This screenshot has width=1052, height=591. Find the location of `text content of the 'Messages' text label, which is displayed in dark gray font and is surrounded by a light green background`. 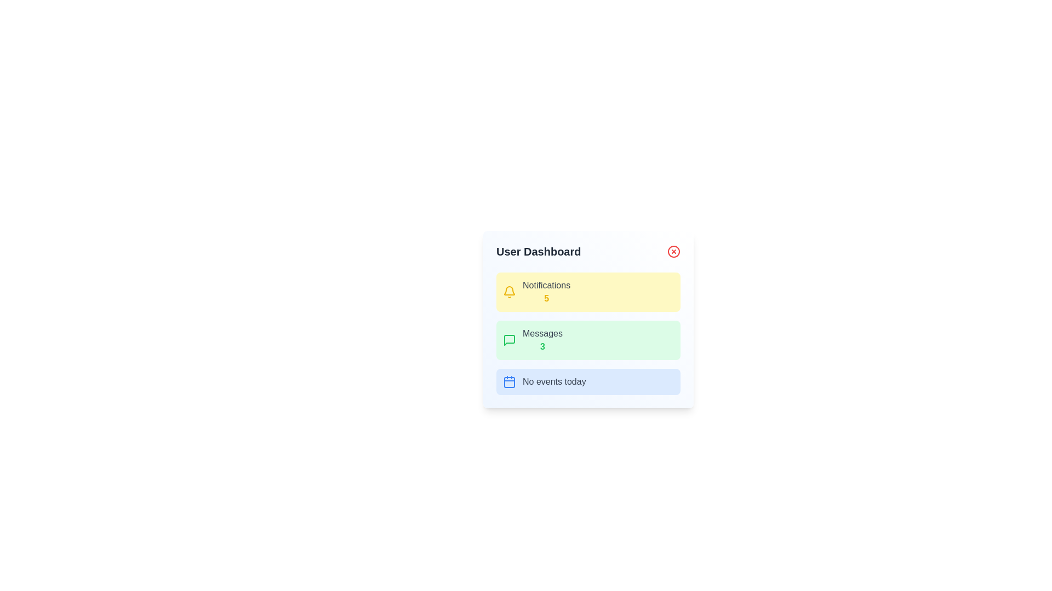

text content of the 'Messages' text label, which is displayed in dark gray font and is surrounded by a light green background is located at coordinates (542, 333).